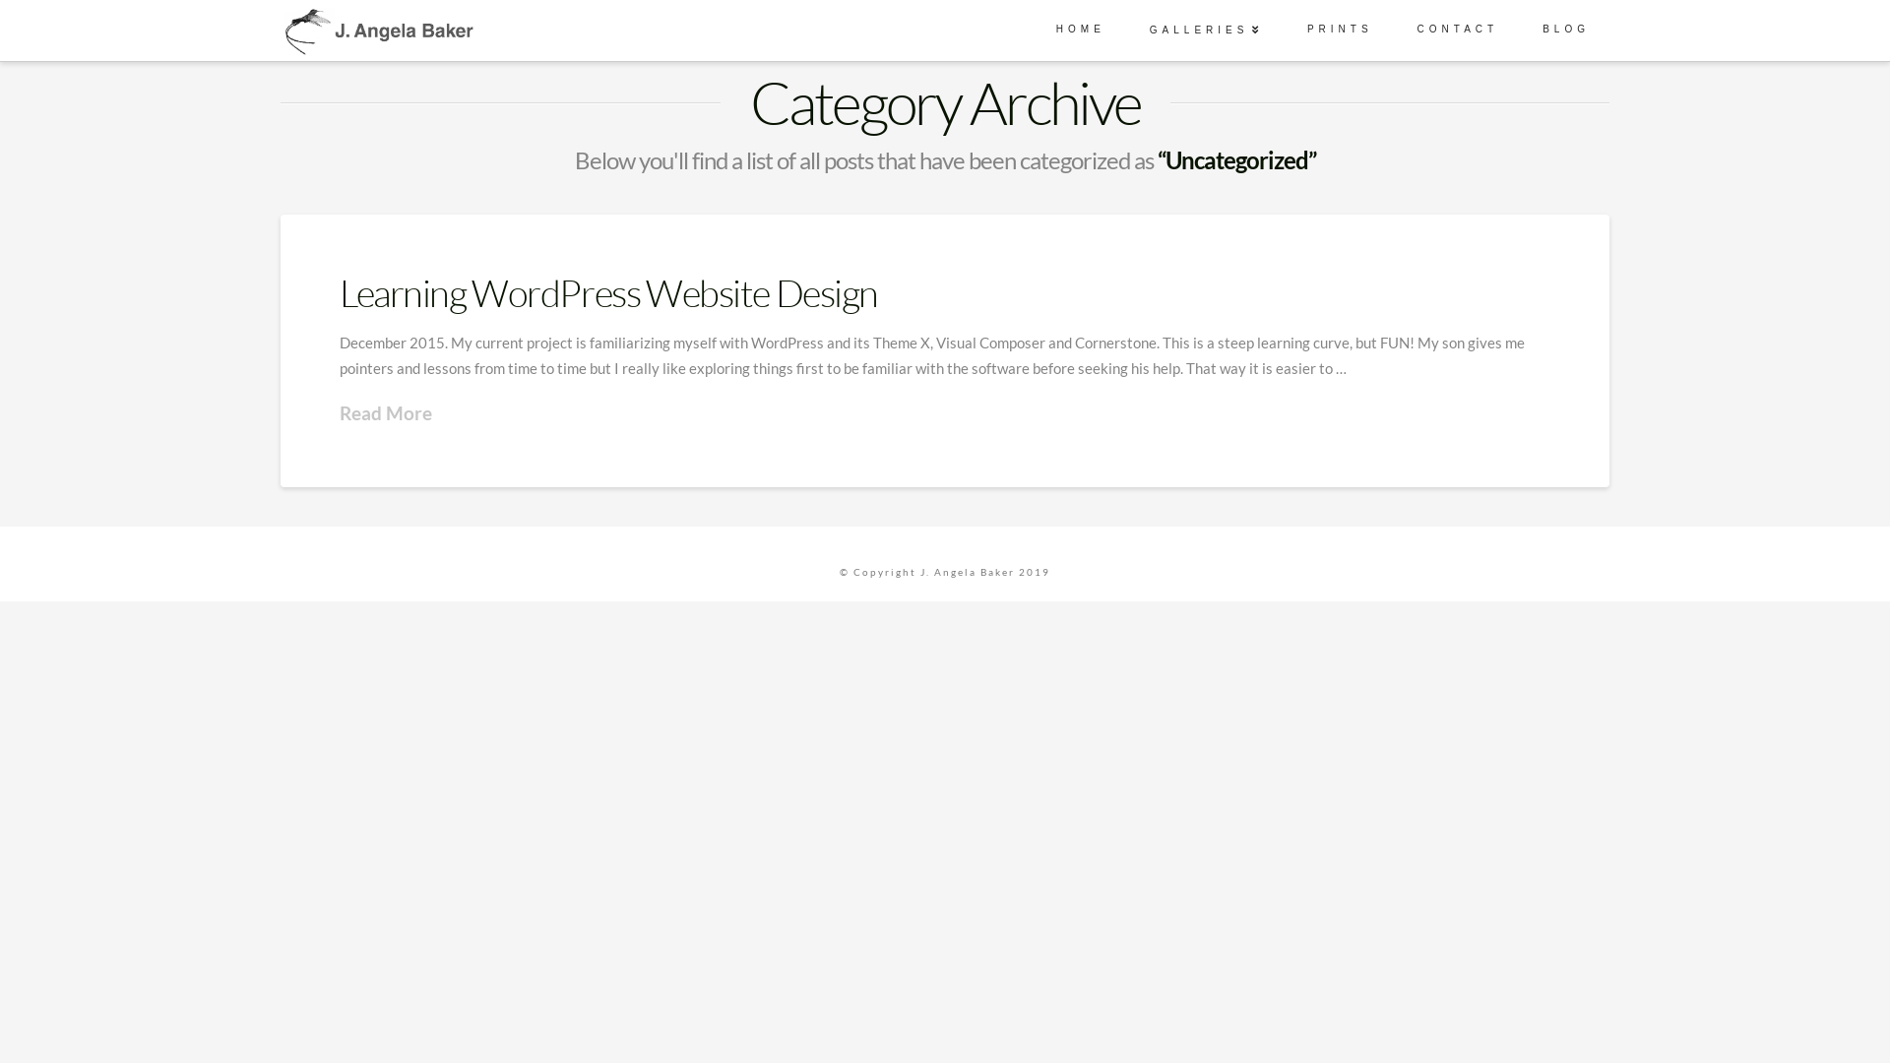 The width and height of the screenshot is (1890, 1063). I want to click on 'GALLERIES', so click(1203, 19).